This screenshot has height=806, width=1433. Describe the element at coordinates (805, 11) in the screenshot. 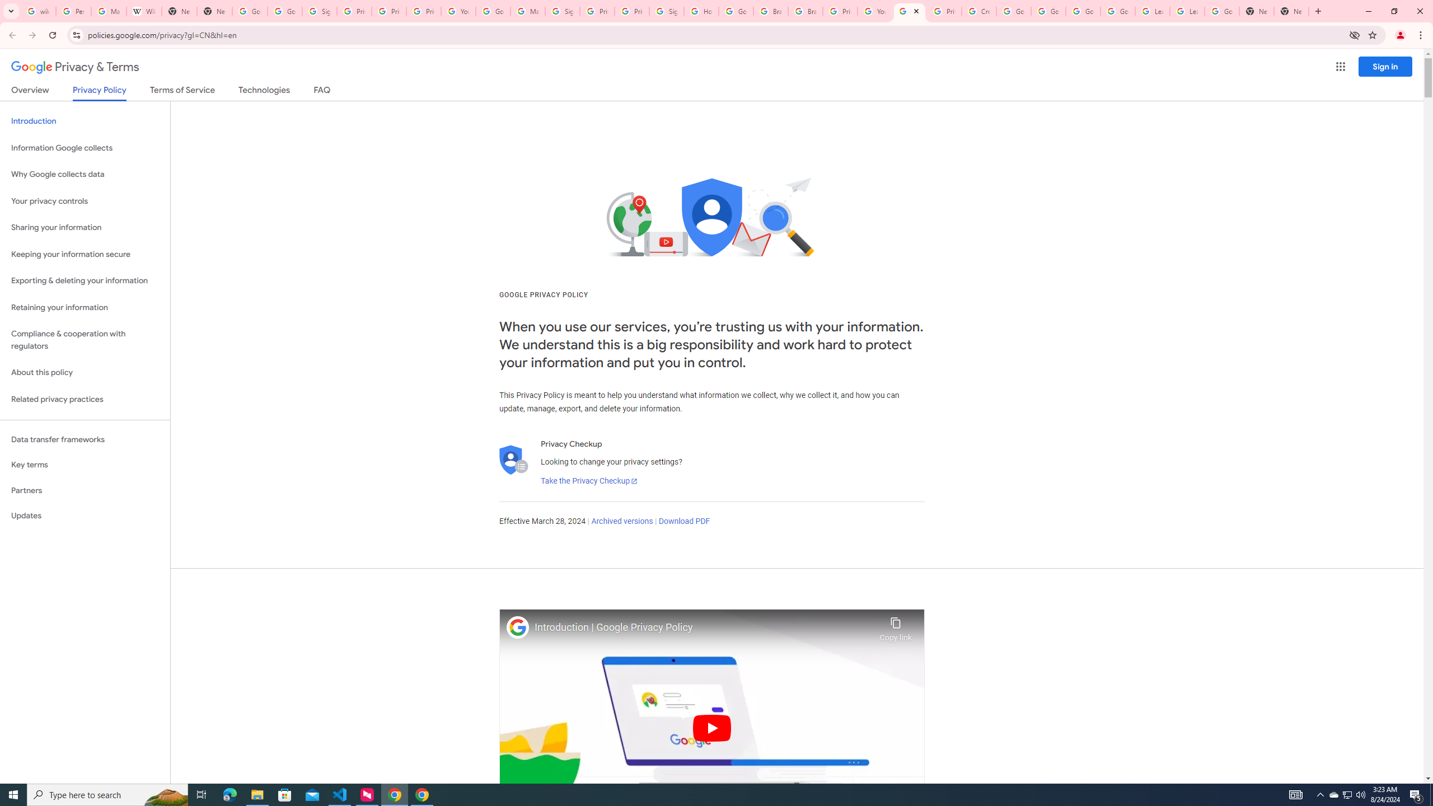

I see `'Brand Resource Center'` at that location.